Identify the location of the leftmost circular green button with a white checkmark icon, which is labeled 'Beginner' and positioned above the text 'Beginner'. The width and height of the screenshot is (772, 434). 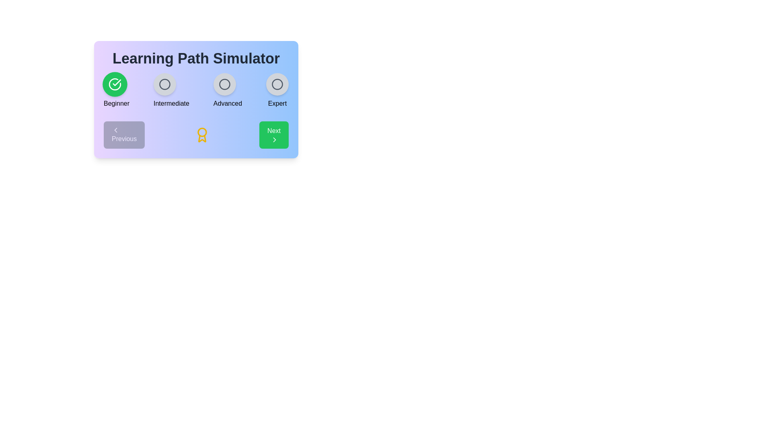
(115, 84).